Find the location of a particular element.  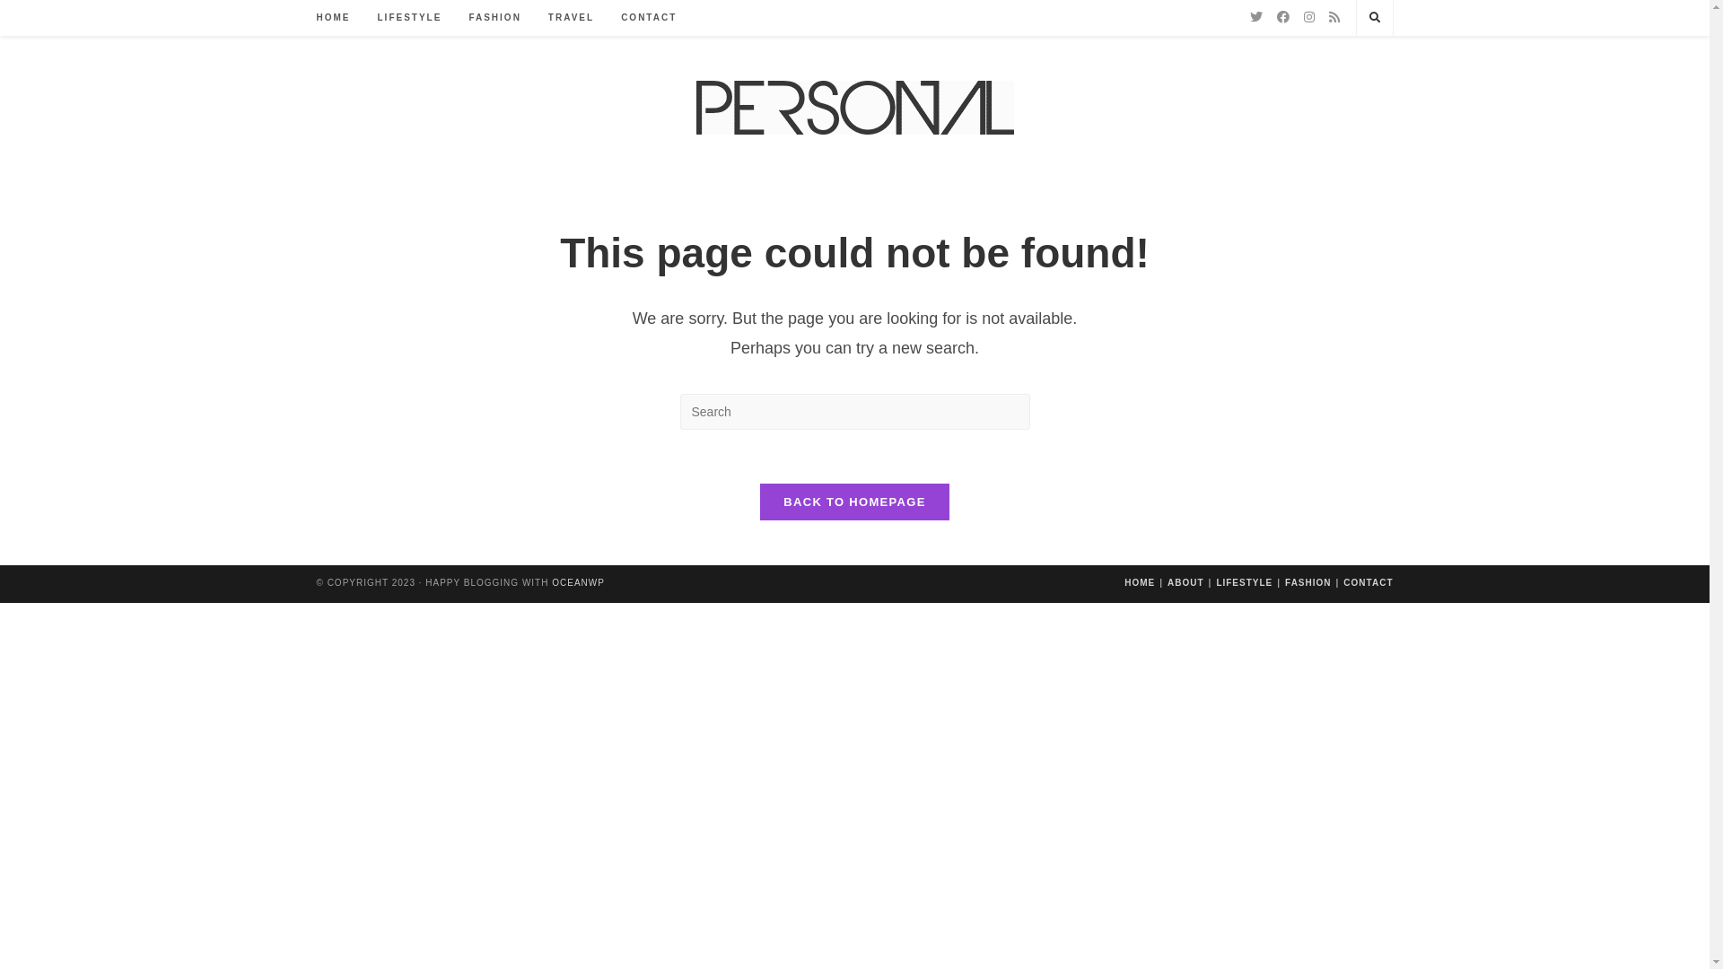

'BACK TO HOMEPAGE' is located at coordinates (853, 502).